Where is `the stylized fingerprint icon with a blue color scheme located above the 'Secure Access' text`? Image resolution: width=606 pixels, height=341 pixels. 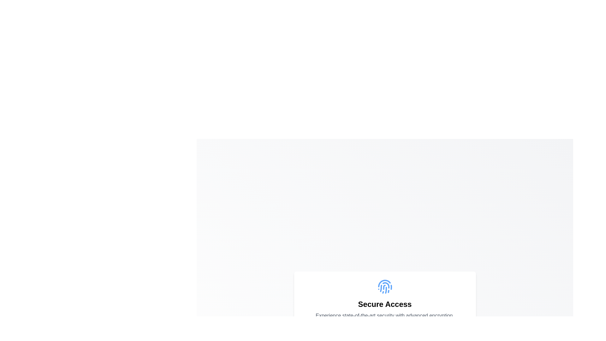
the stylized fingerprint icon with a blue color scheme located above the 'Secure Access' text is located at coordinates (384, 286).